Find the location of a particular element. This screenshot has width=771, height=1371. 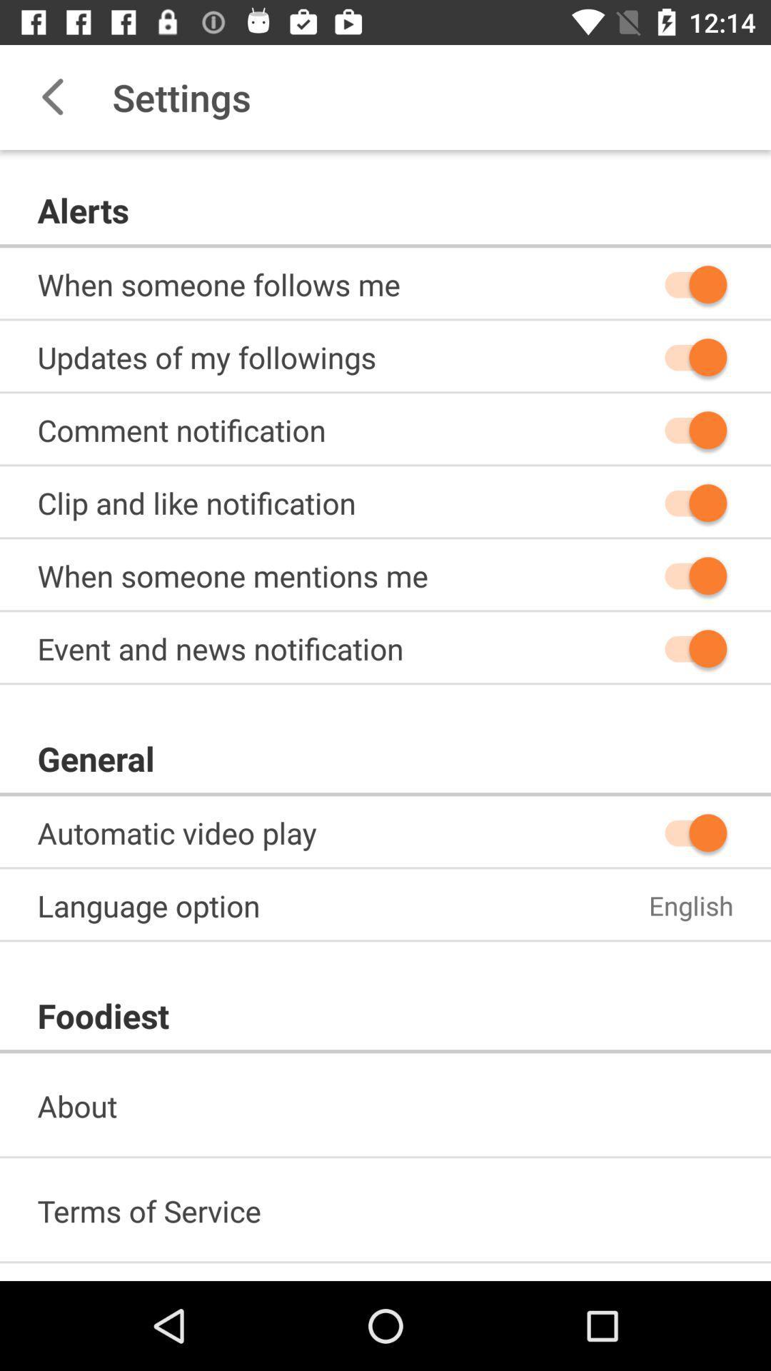

icon on the right side of when someone follows me is located at coordinates (688, 284).